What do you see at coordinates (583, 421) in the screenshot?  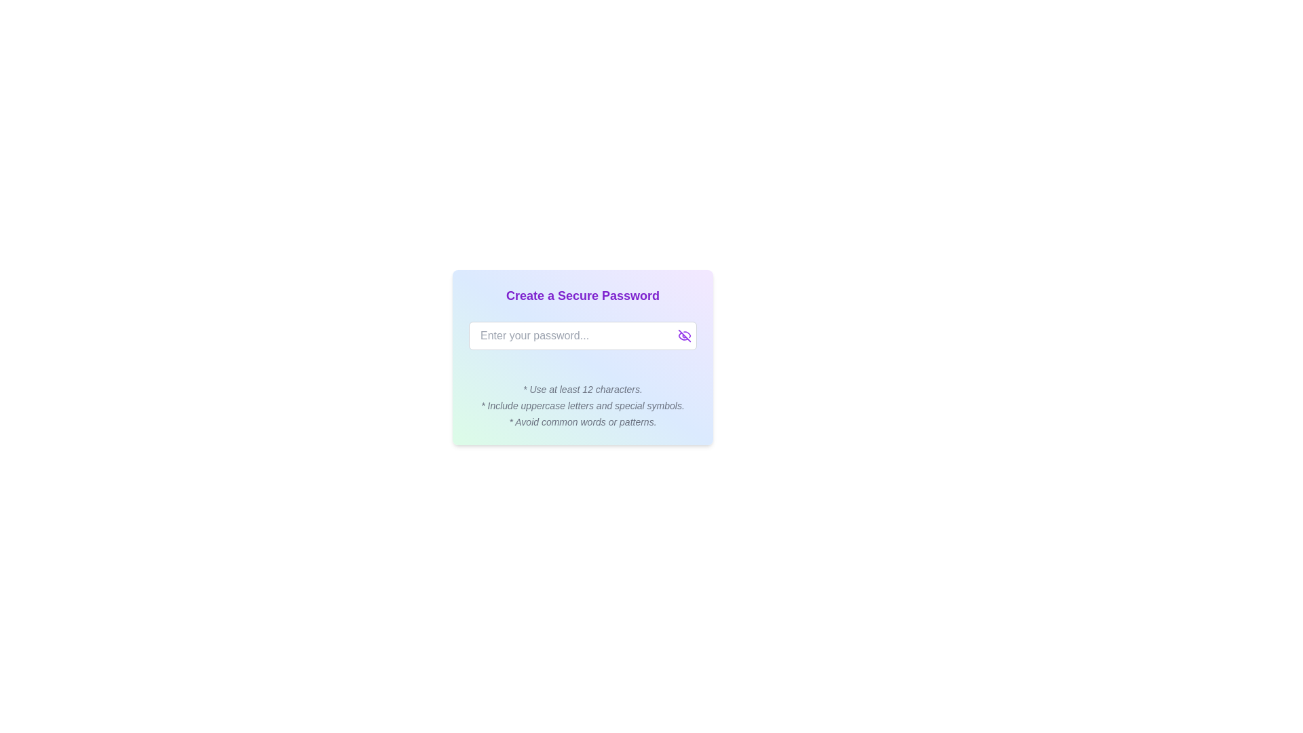 I see `instructional text displayed as the third item in the vertically-stacked set of messages below the password input field, which advises against using commonly used words or predictable patterns for creating a secure password` at bounding box center [583, 421].